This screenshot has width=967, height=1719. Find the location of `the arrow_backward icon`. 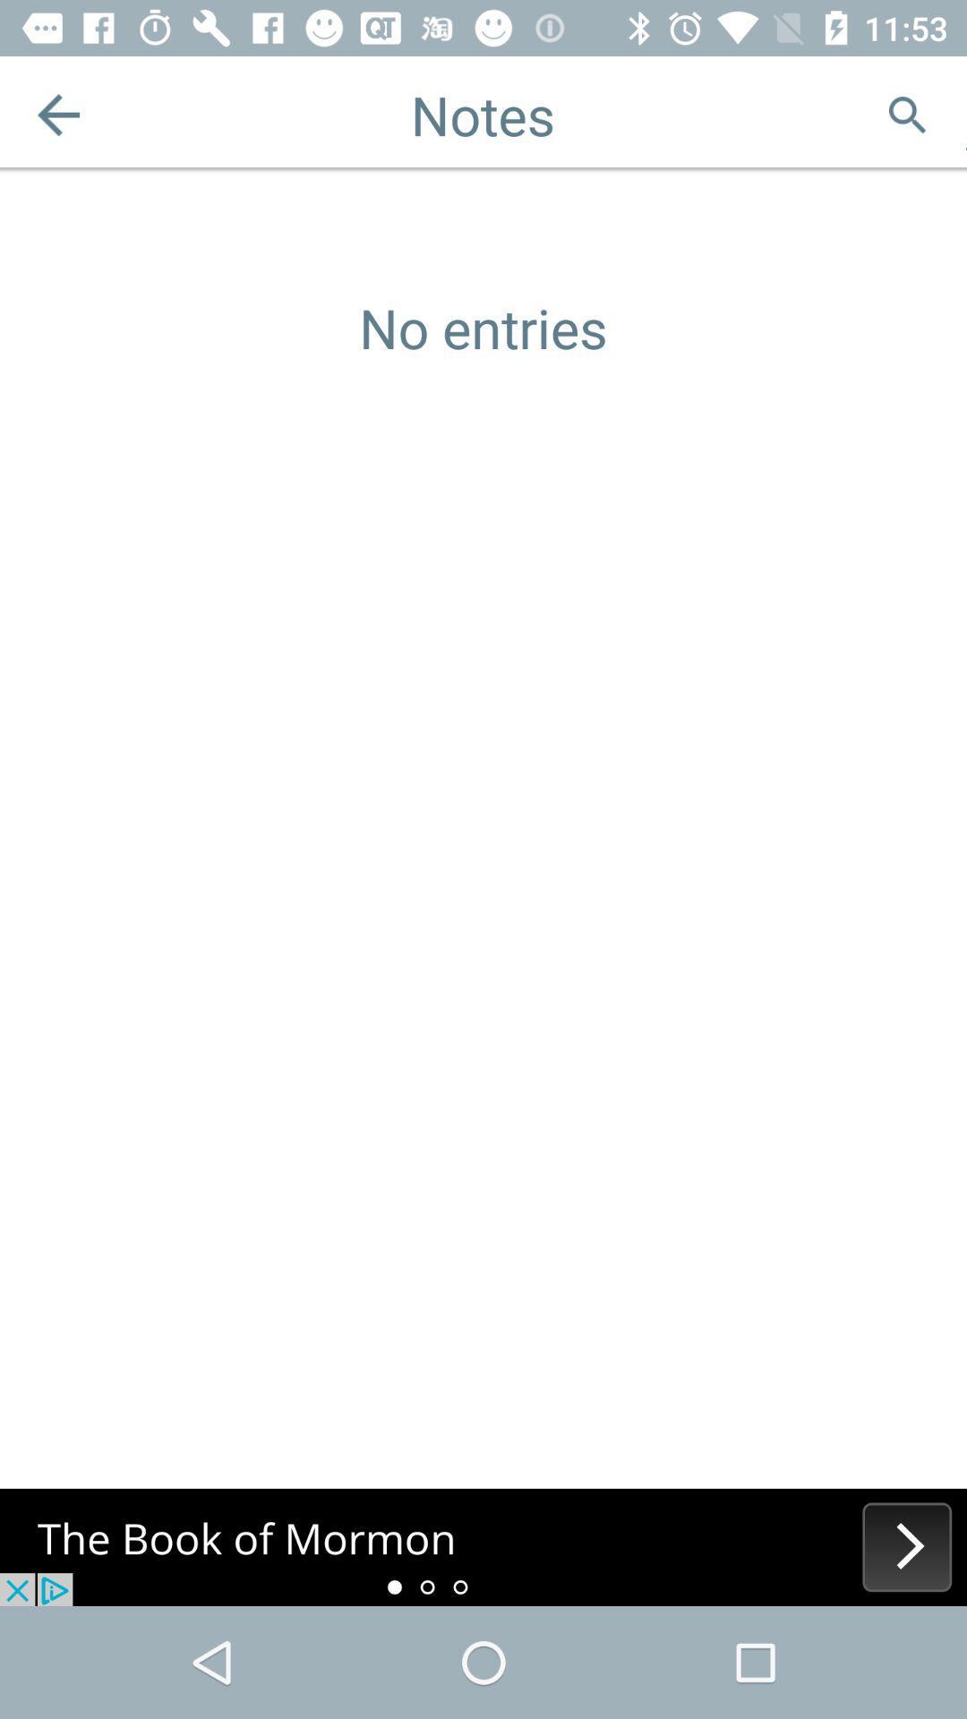

the arrow_backward icon is located at coordinates (57, 114).